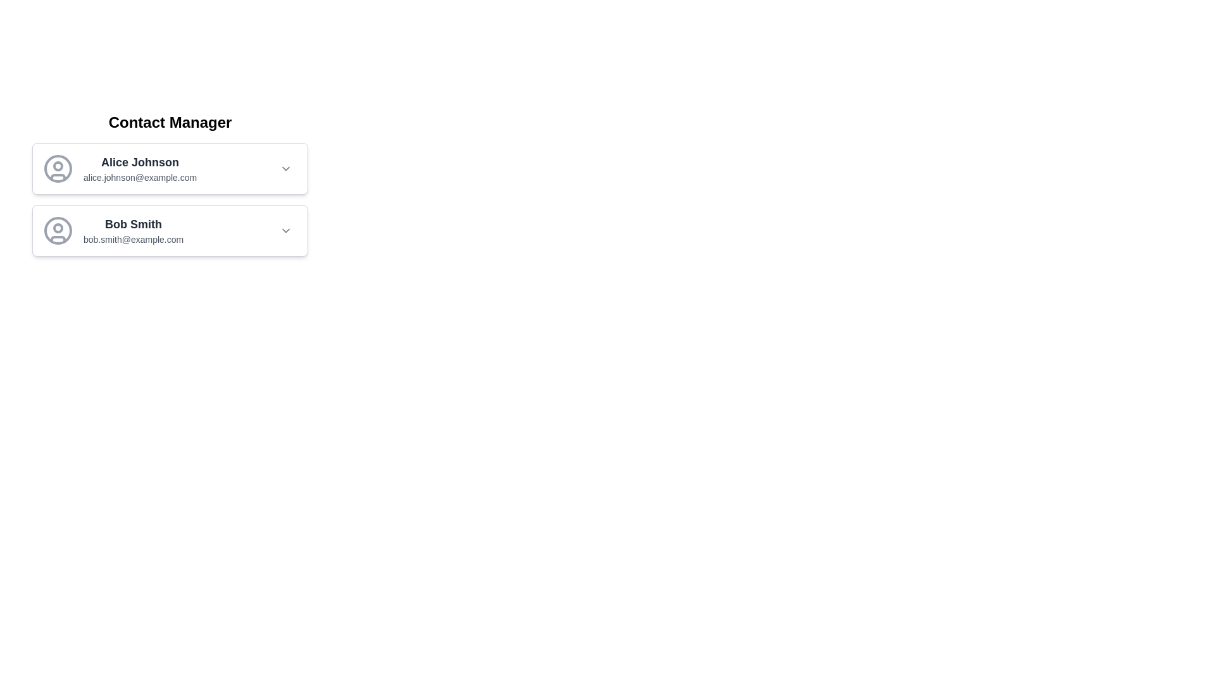 This screenshot has width=1215, height=683. I want to click on the downward arrow icon for the dropdown menu associated with user 'Bob Smith', so click(285, 231).